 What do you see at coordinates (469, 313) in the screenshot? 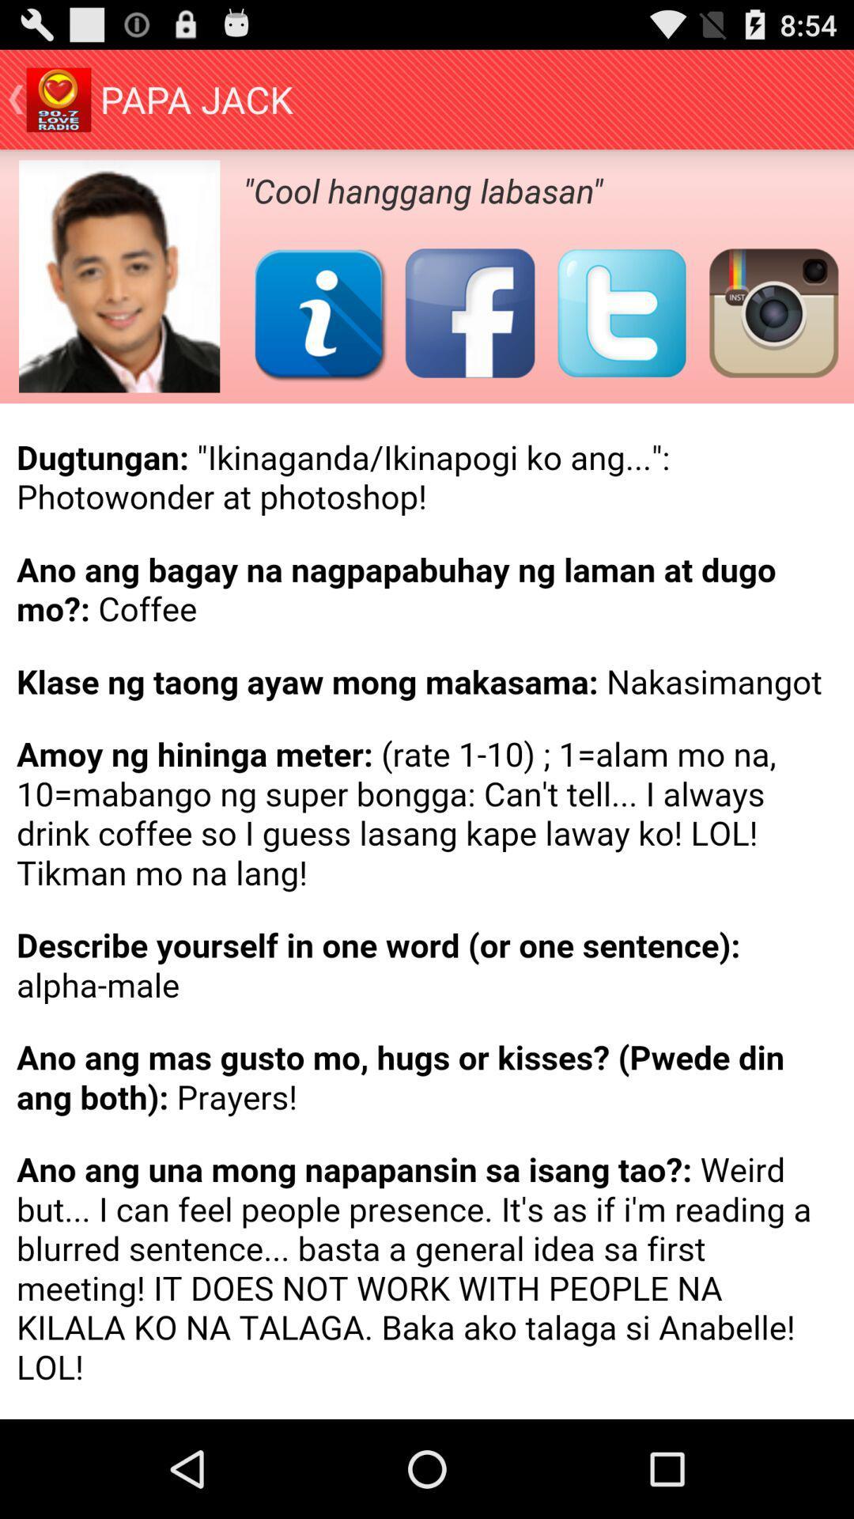
I see `facebook for person 's profile` at bounding box center [469, 313].